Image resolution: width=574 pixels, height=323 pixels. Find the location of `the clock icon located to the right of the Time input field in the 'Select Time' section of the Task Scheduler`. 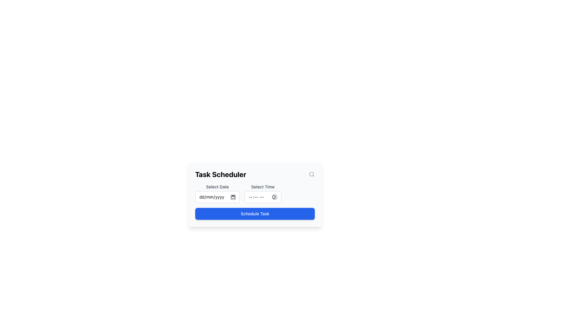

the clock icon located to the right of the Time input field in the 'Select Time' section of the Task Scheduler is located at coordinates (263, 197).